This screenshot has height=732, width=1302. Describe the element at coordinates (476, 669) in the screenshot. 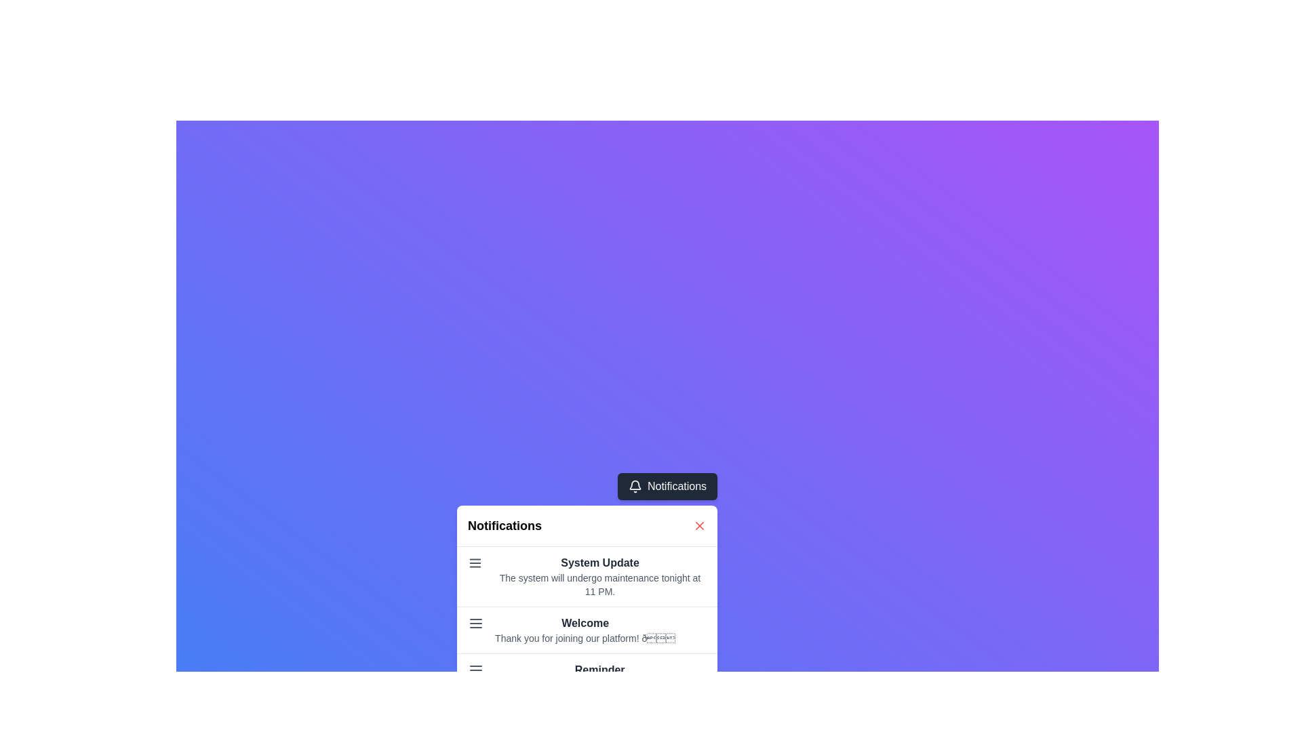

I see `the gray hamburger menu icon, which is located to the left of the 'Reminder' text` at that location.